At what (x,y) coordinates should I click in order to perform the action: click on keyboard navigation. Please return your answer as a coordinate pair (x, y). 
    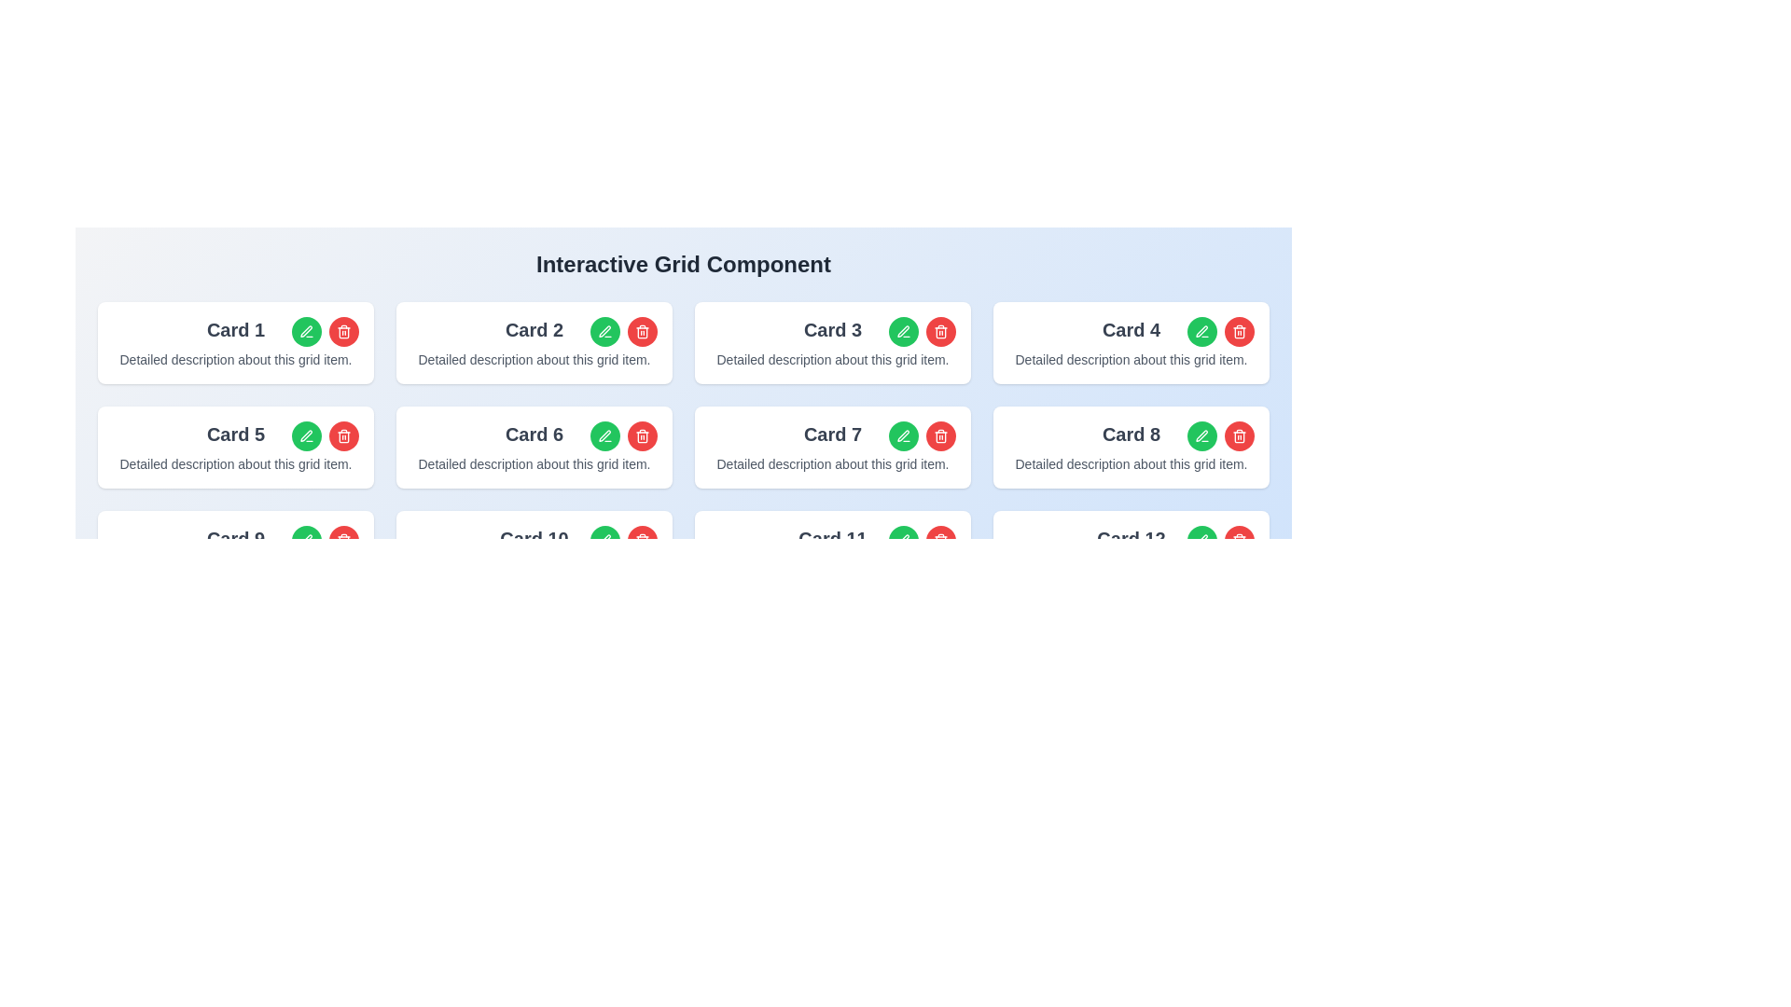
    Looking at the image, I should click on (235, 550).